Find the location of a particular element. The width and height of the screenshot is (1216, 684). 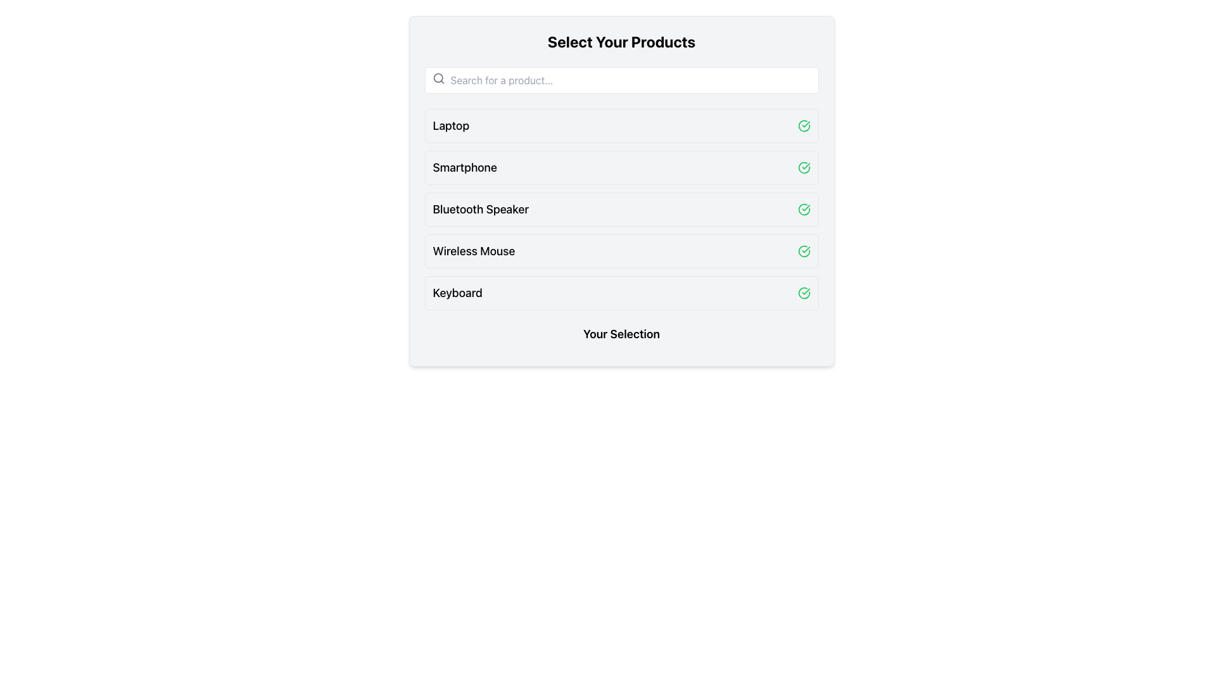

text of the central heading of the product selection panel, which helps users identify the purpose of the following section is located at coordinates (621, 41).